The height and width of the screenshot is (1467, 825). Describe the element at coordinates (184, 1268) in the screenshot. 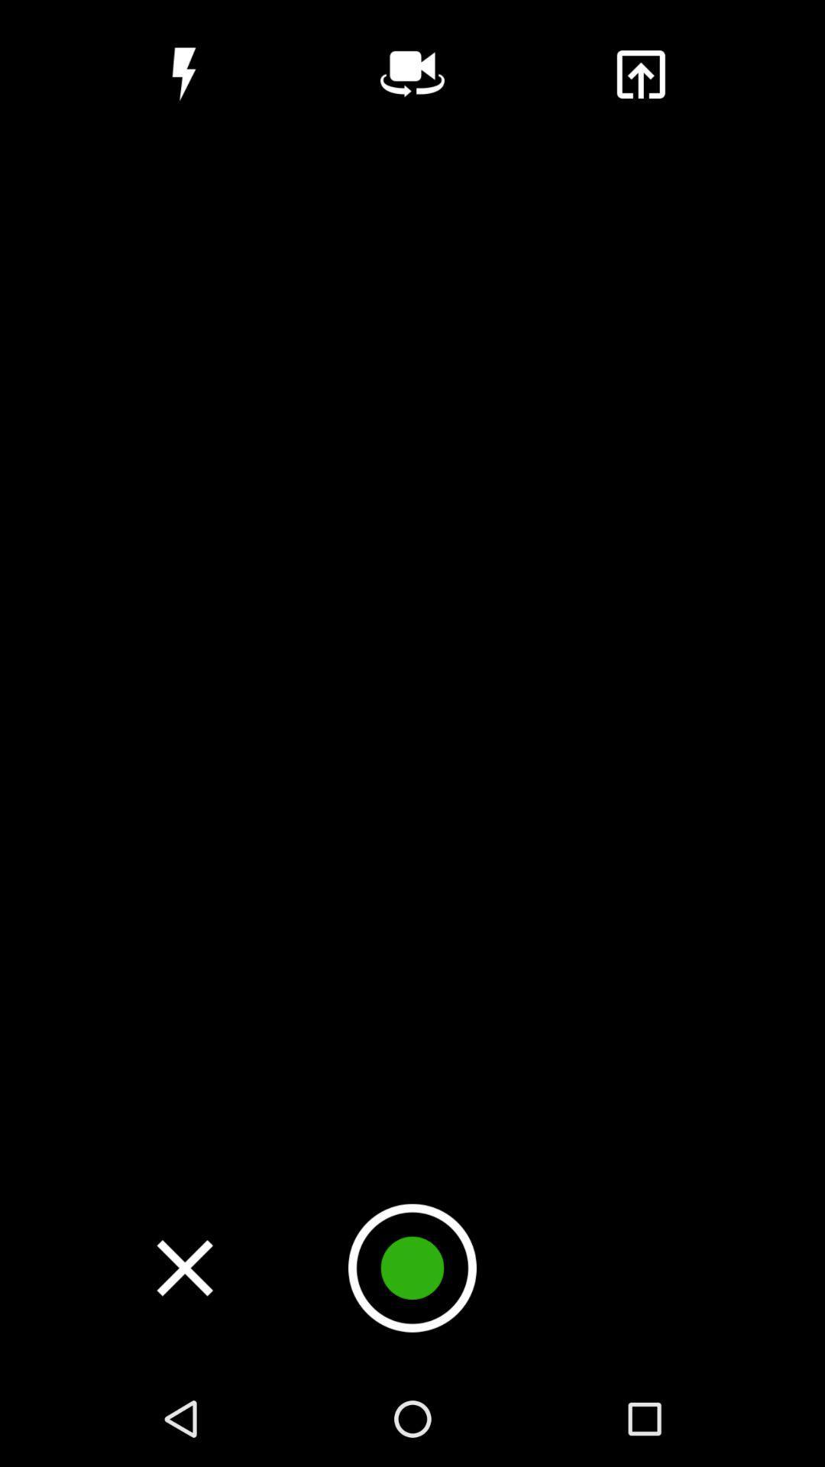

I see `cancel` at that location.